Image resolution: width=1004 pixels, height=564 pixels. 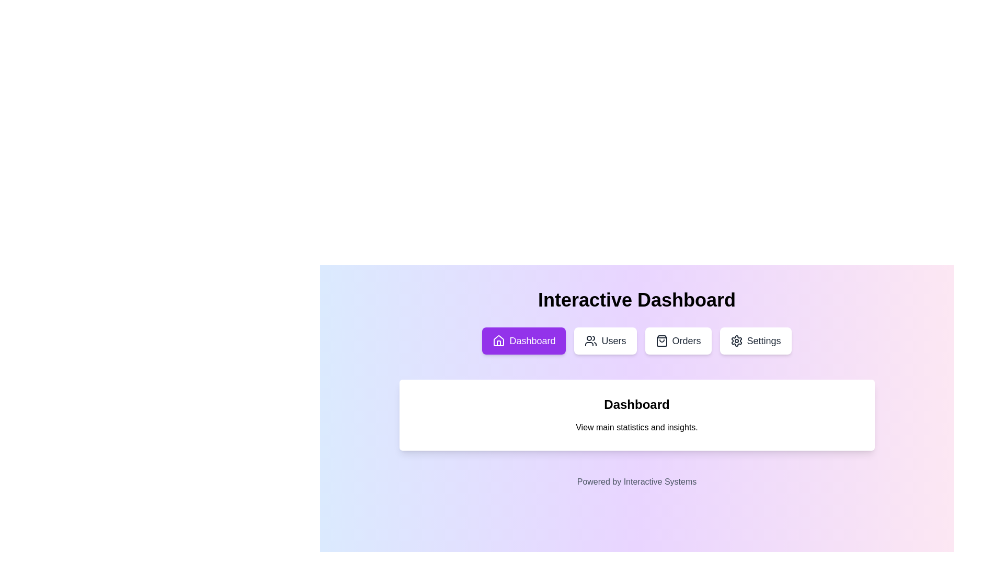 What do you see at coordinates (636, 481) in the screenshot?
I see `the Text label at the bottom-center of the interface that provides attribution or trademark information` at bounding box center [636, 481].